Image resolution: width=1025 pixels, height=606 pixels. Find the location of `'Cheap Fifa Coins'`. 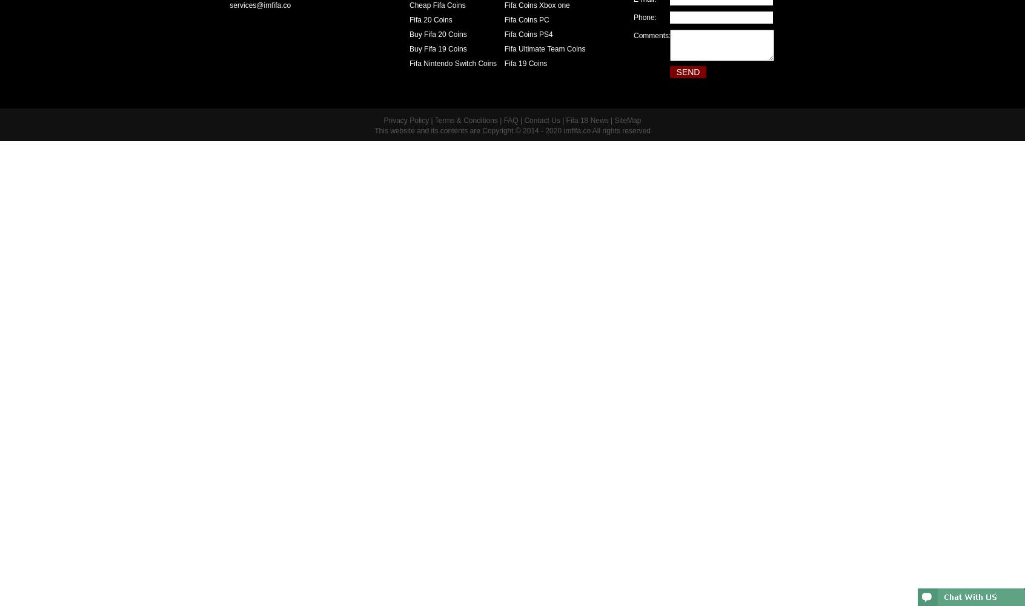

'Cheap Fifa Coins' is located at coordinates (436, 5).